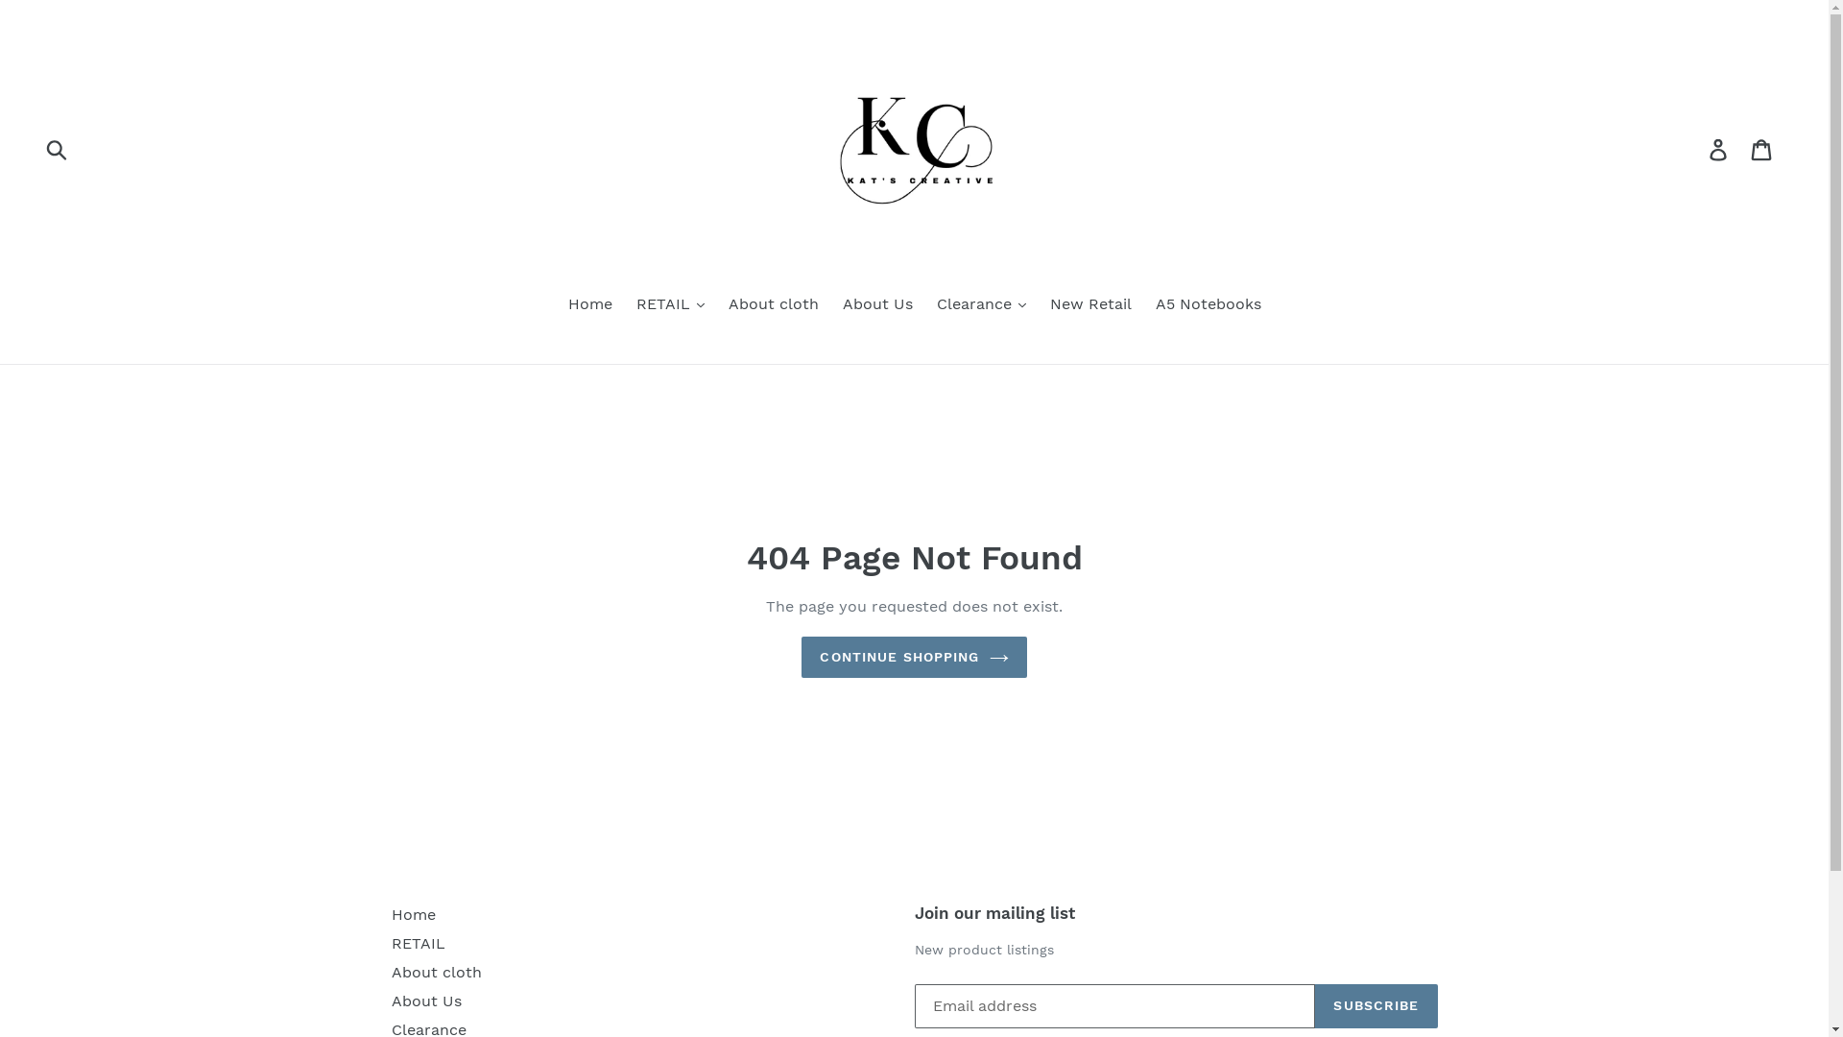 The image size is (1843, 1037). What do you see at coordinates (1207, 304) in the screenshot?
I see `'A5 Notebooks'` at bounding box center [1207, 304].